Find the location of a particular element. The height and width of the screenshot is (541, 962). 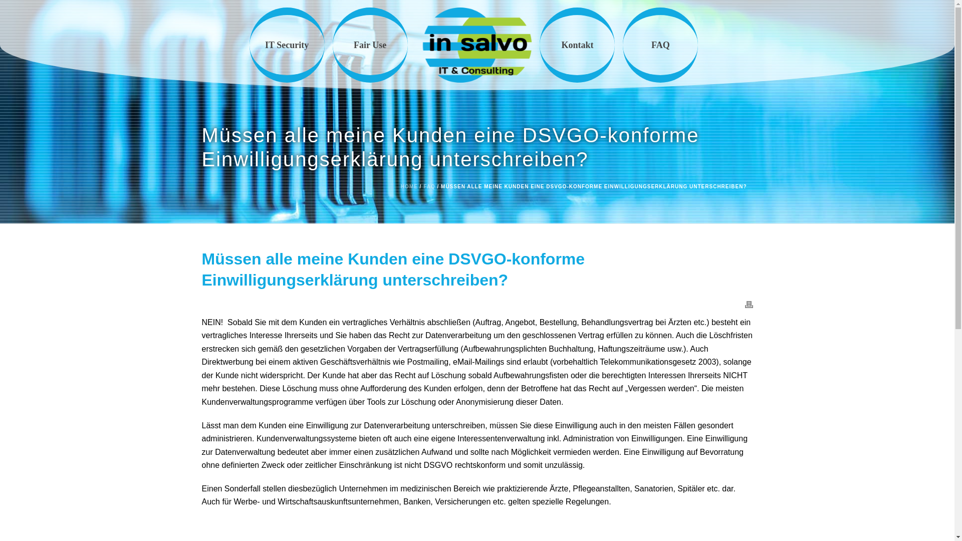

'FAQ' is located at coordinates (660, 44).